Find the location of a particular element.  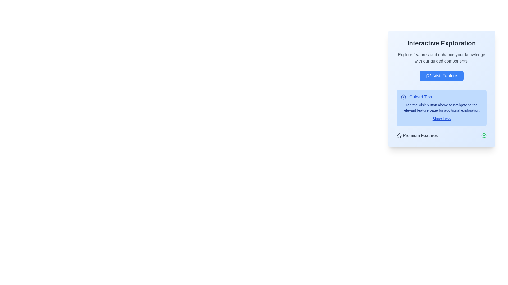

the text label indicating 'Premium Features', which is positioned to the right of a star icon in a light-blue panel is located at coordinates (420, 135).